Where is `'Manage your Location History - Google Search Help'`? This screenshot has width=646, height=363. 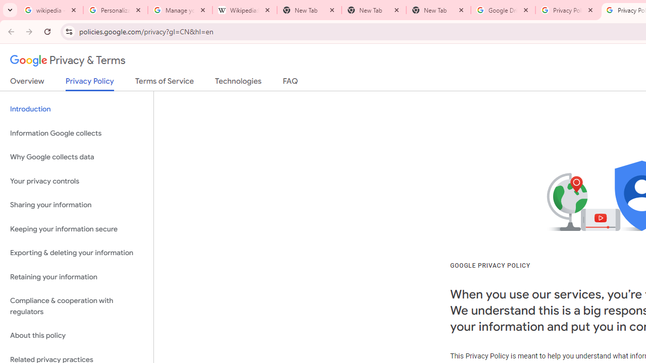 'Manage your Location History - Google Search Help' is located at coordinates (180, 10).